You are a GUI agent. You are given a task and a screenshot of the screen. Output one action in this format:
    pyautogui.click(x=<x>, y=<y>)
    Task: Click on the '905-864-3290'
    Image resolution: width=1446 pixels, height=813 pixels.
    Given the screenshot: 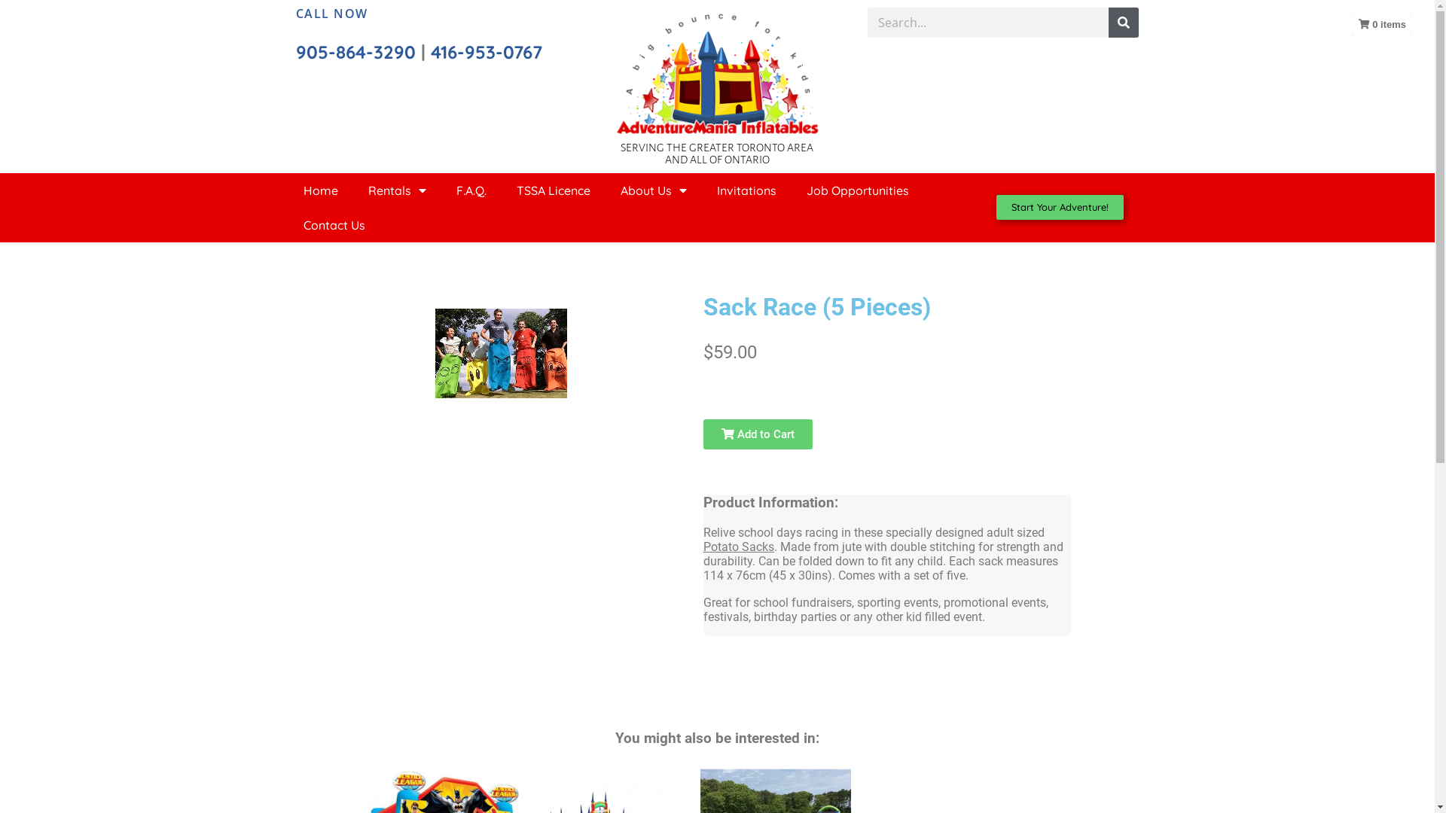 What is the action you would take?
    pyautogui.click(x=295, y=51)
    